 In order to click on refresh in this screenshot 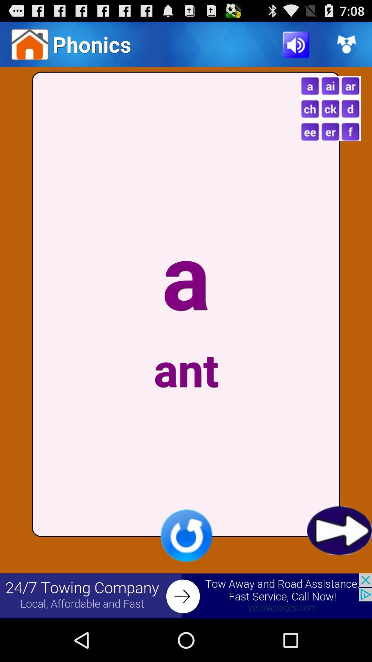, I will do `click(186, 535)`.